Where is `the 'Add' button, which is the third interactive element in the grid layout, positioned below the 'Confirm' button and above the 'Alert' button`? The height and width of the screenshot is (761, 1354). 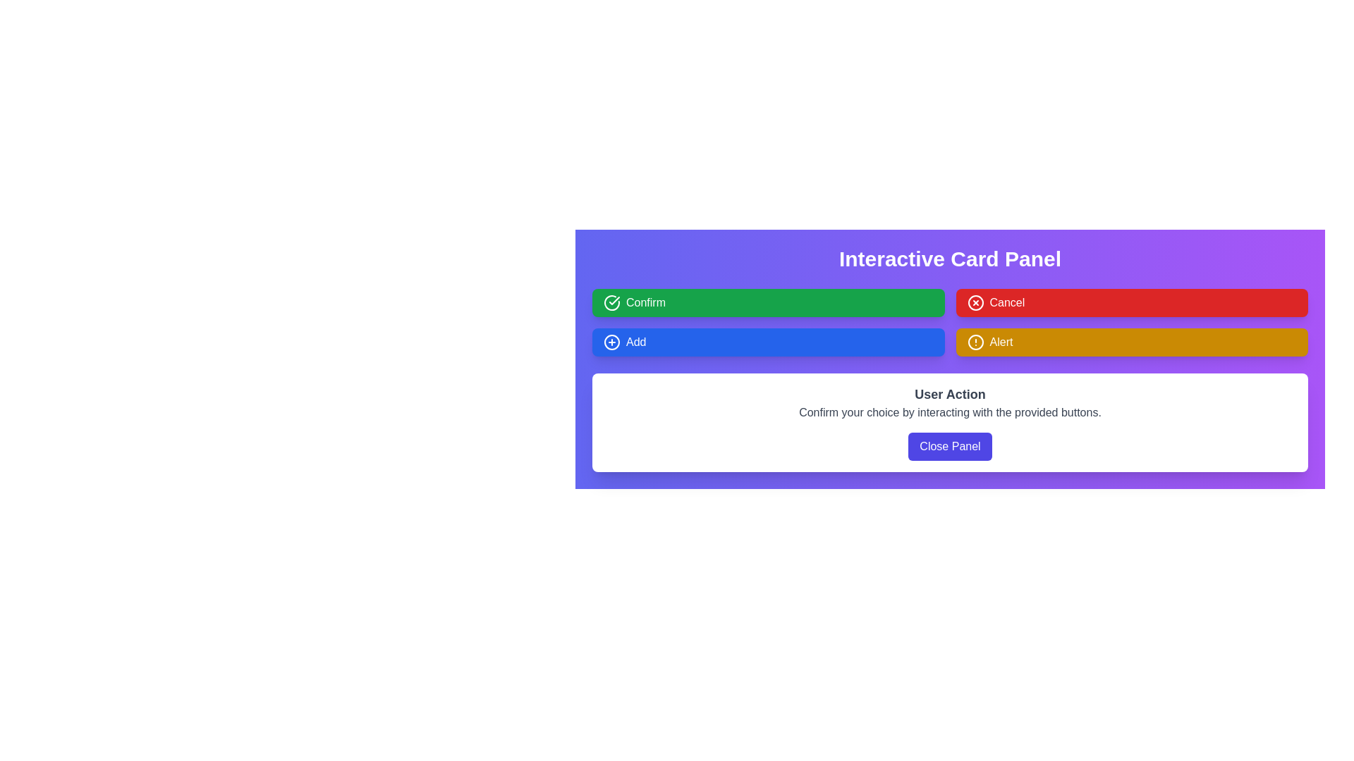
the 'Add' button, which is the third interactive element in the grid layout, positioned below the 'Confirm' button and above the 'Alert' button is located at coordinates (767, 342).